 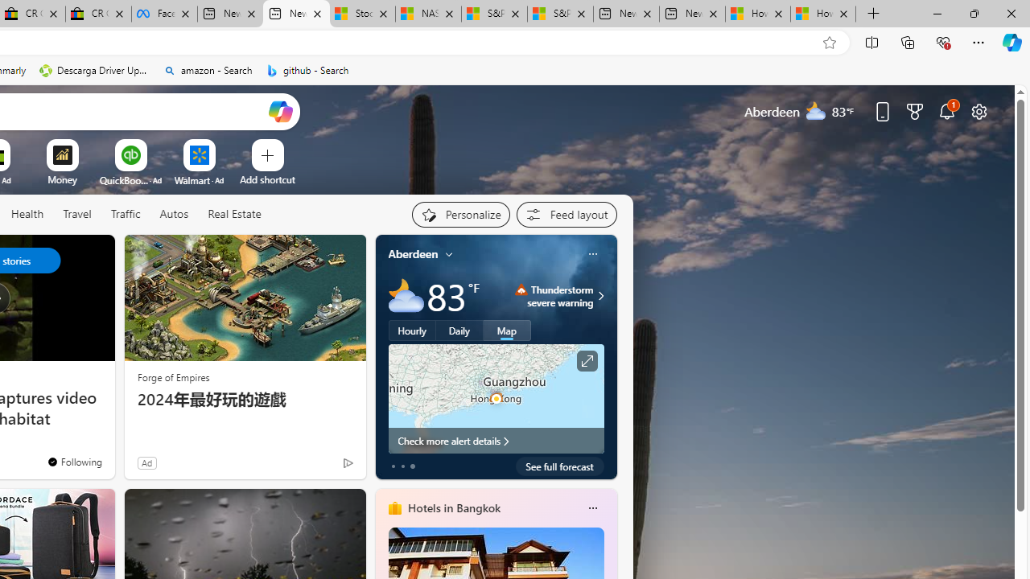 What do you see at coordinates (233, 214) in the screenshot?
I see `'Real Estate'` at bounding box center [233, 214].